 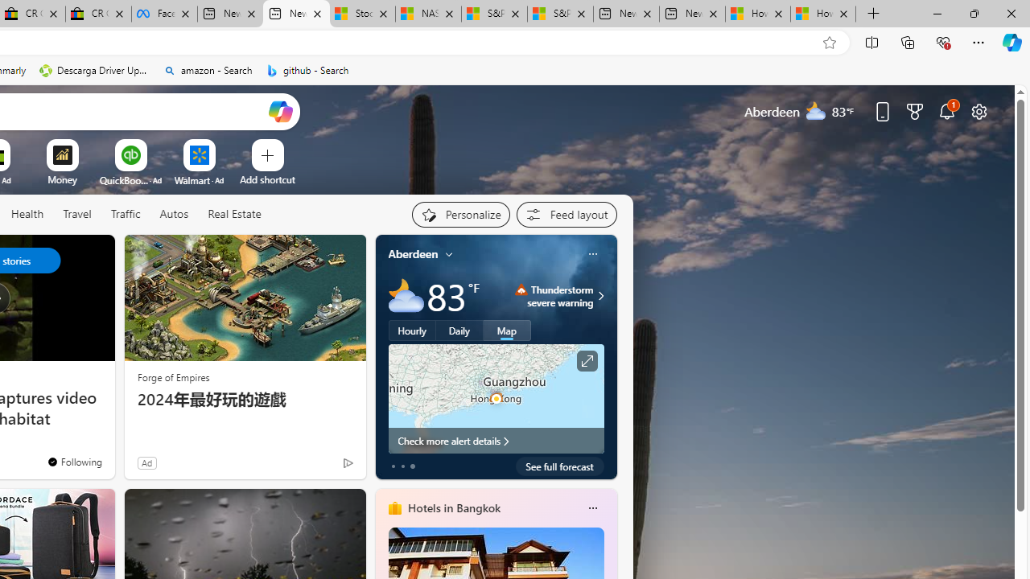 What do you see at coordinates (233, 214) in the screenshot?
I see `'Real Estate'` at bounding box center [233, 214].